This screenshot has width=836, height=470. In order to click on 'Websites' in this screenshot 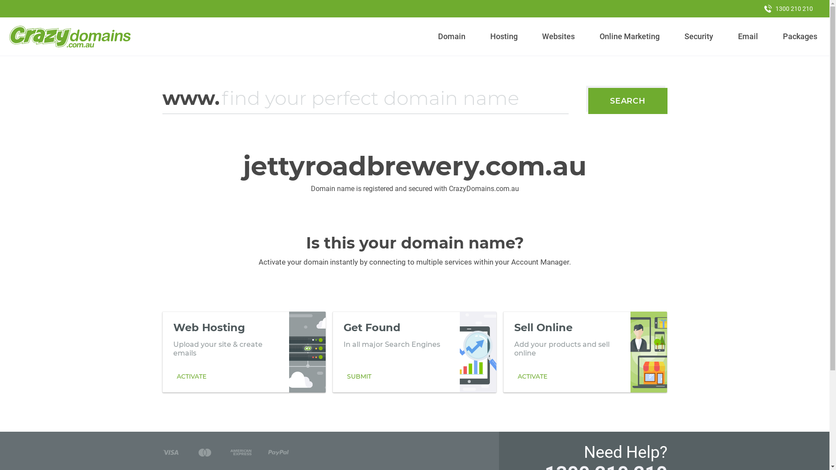, I will do `click(538, 36)`.